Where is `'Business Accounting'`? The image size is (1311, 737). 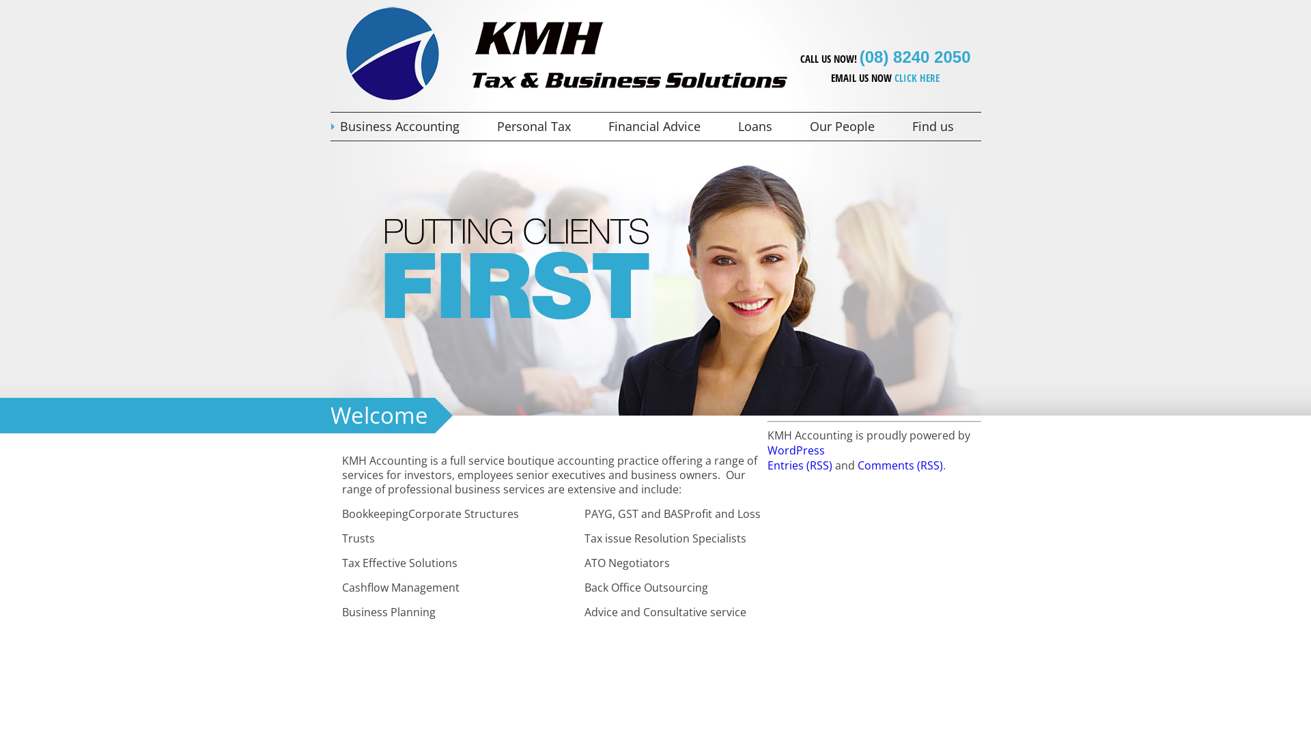
'Business Accounting' is located at coordinates (408, 126).